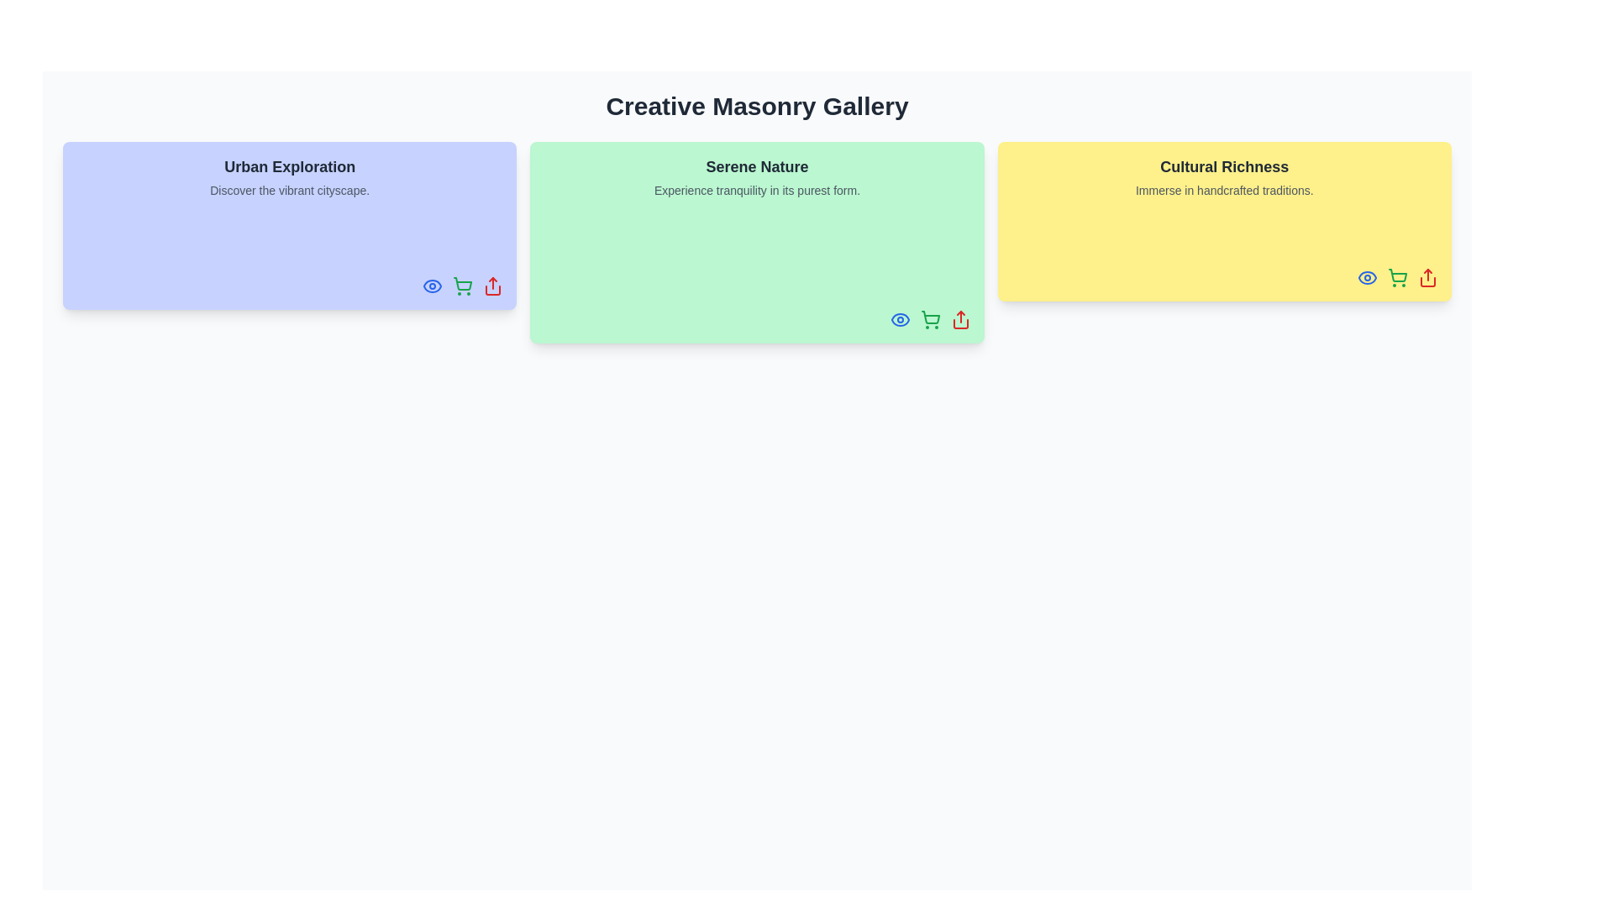 Image resolution: width=1613 pixels, height=907 pixels. Describe the element at coordinates (1426, 280) in the screenshot. I see `the Decorative icon segment located in the bottom-right corner of the 'Cultural Richness' card, which is part of the share icon structure` at that location.